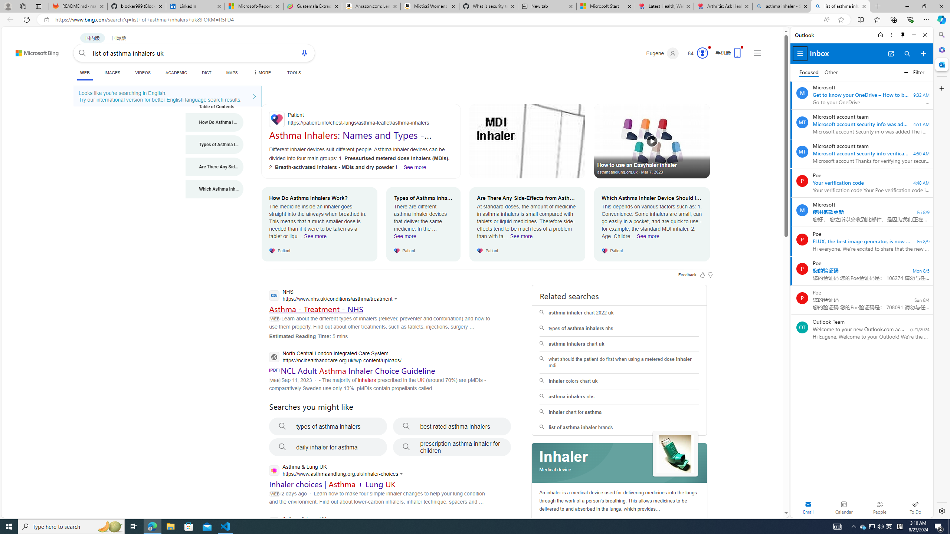 This screenshot has height=534, width=950. Describe the element at coordinates (619, 344) in the screenshot. I see `'asthma inhalers chart uk'` at that location.